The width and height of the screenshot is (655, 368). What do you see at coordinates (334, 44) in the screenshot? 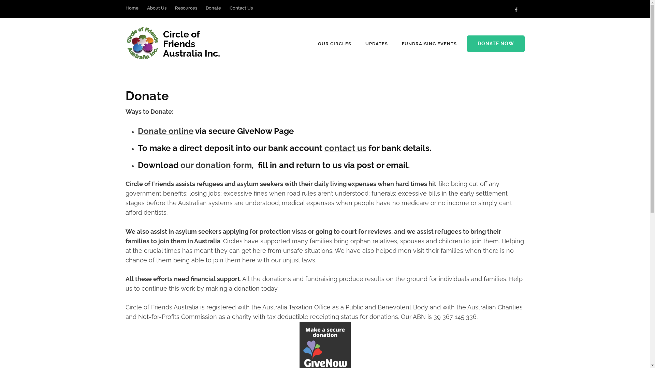
I see `'OUR CIRCLES'` at bounding box center [334, 44].